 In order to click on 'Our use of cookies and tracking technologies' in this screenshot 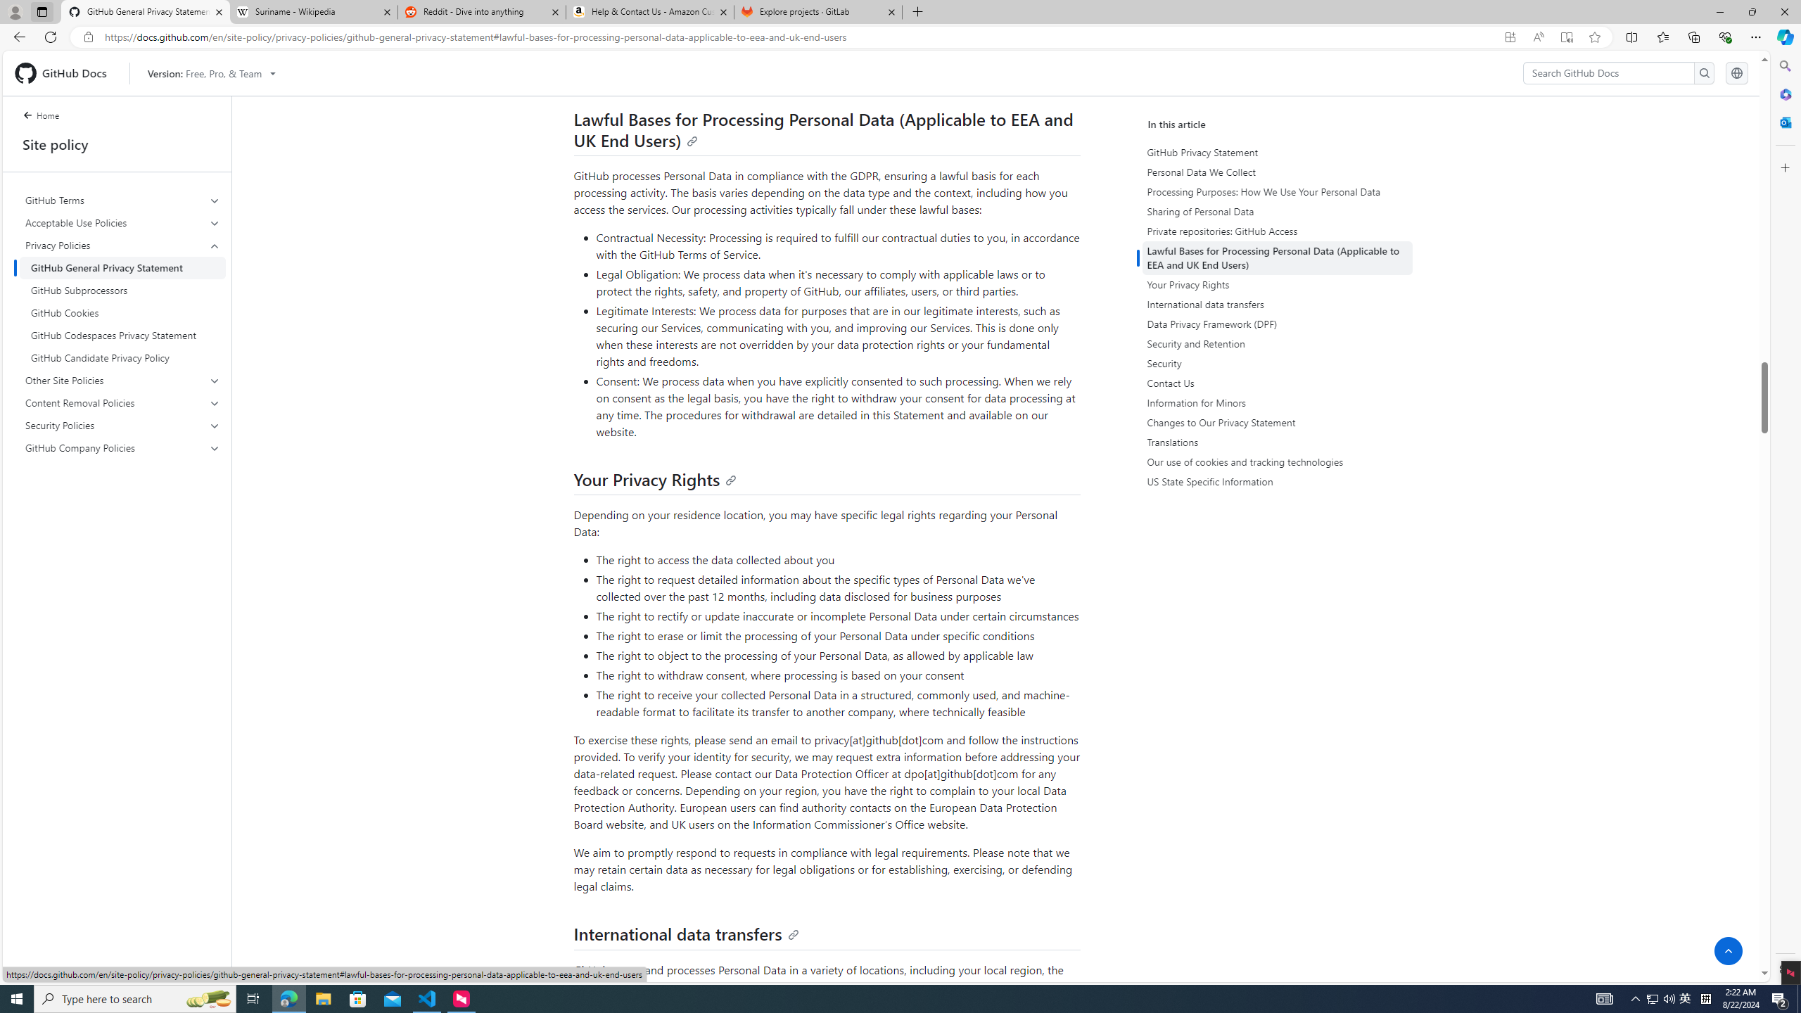, I will do `click(1276, 461)`.